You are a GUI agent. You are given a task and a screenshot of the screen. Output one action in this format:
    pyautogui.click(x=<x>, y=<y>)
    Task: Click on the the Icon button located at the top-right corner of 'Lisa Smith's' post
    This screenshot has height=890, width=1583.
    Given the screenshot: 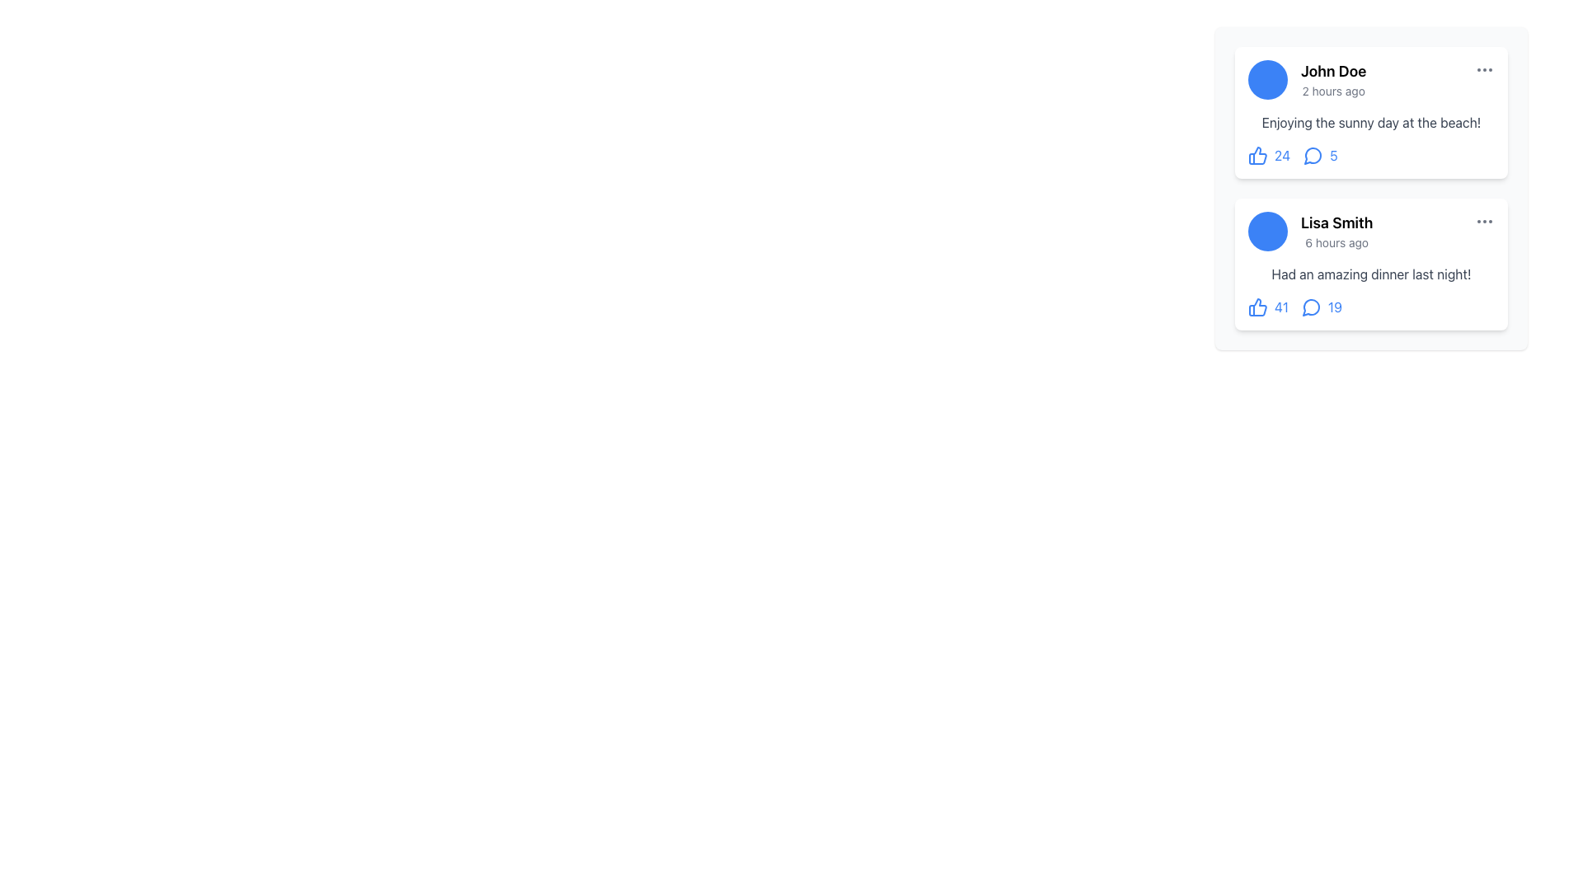 What is the action you would take?
    pyautogui.click(x=1484, y=221)
    